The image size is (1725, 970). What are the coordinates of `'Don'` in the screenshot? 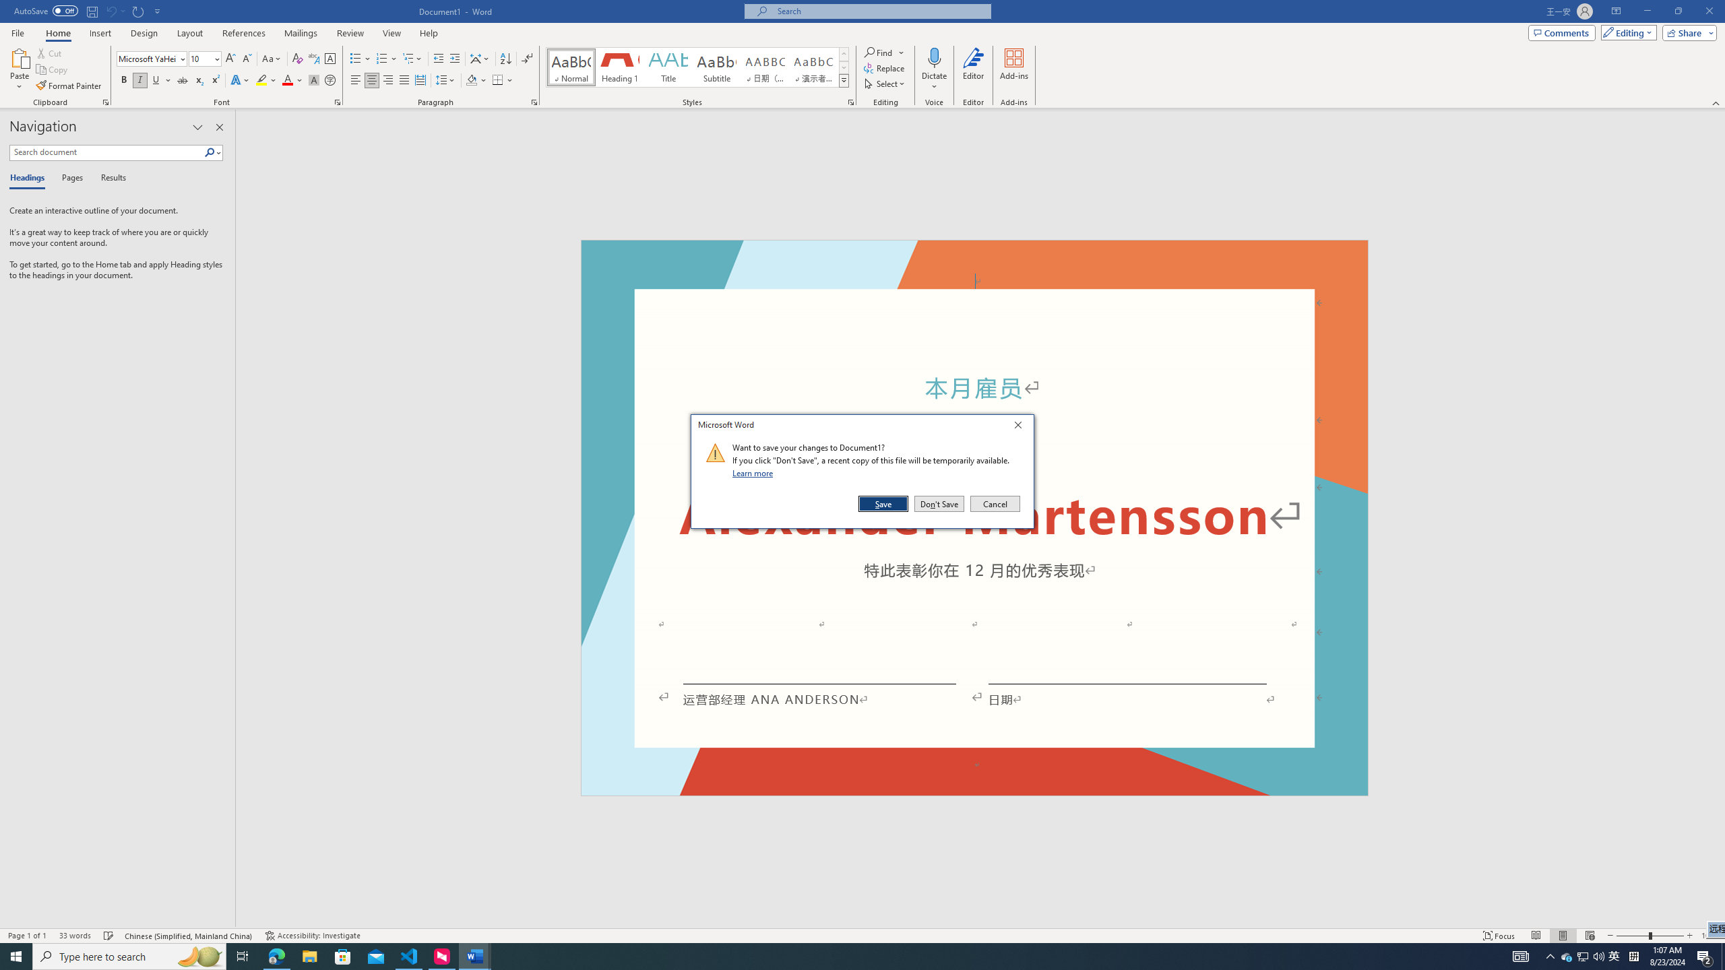 It's located at (939, 503).